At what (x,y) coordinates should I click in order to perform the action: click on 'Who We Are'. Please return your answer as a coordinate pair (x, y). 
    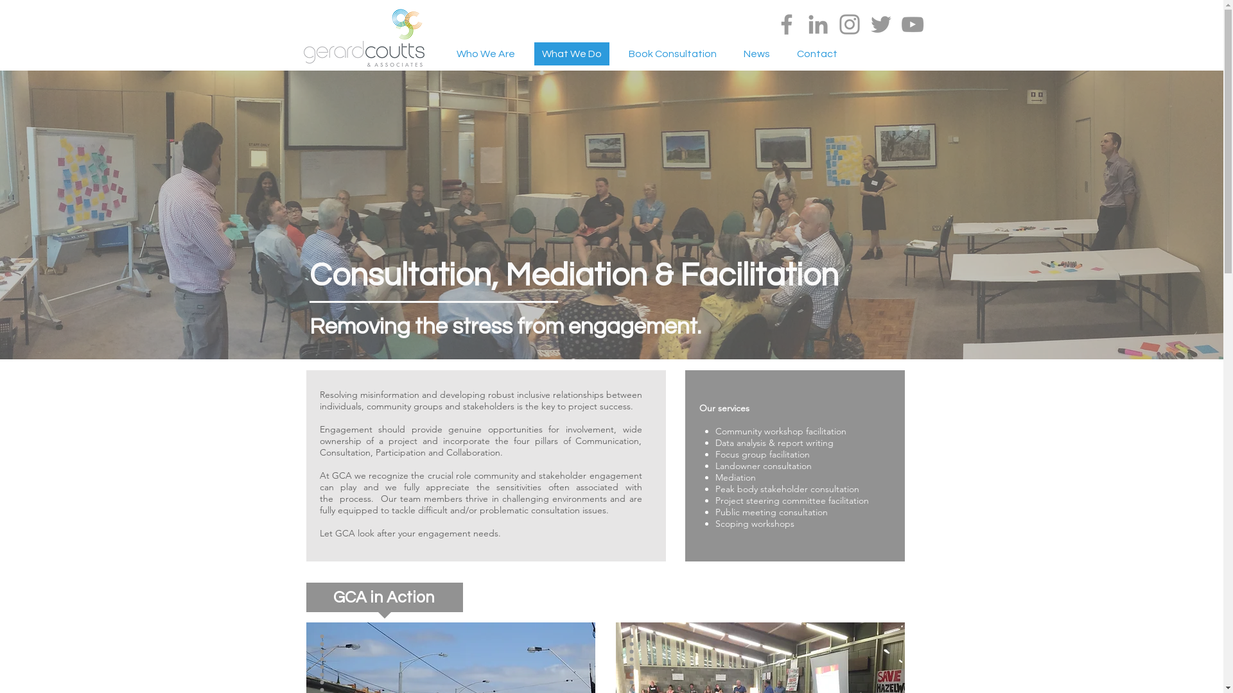
    Looking at the image, I should click on (484, 53).